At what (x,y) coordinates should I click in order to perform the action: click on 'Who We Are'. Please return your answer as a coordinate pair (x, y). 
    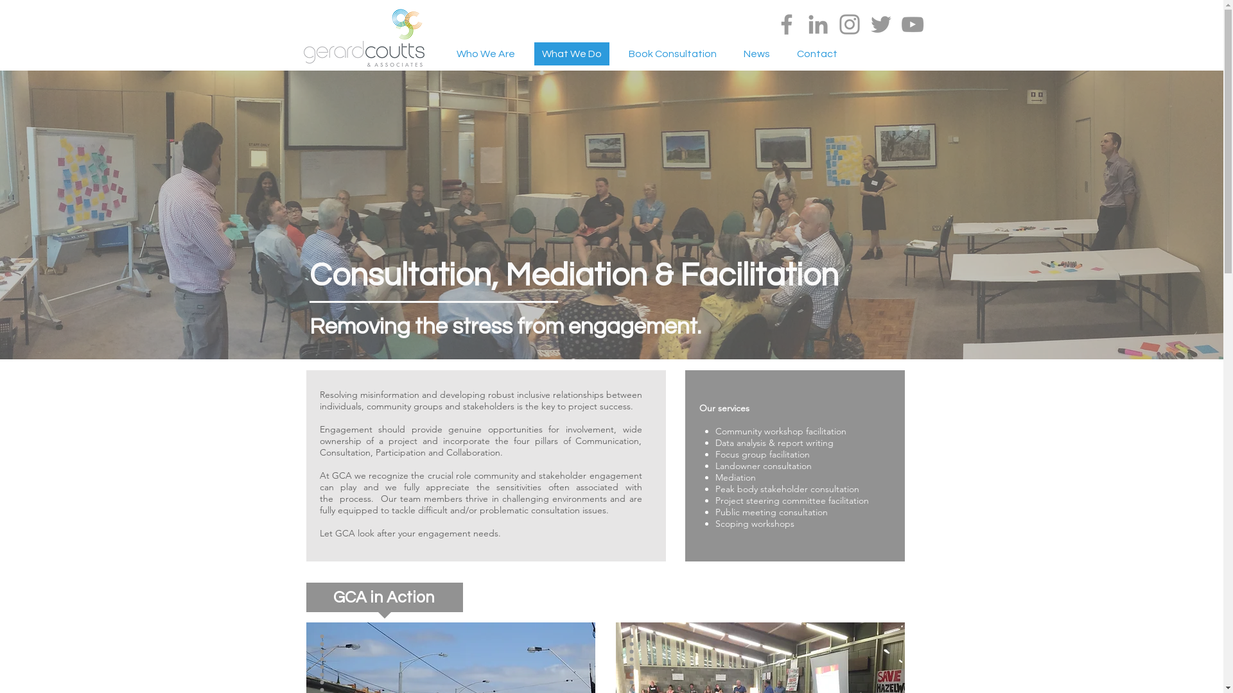
    Looking at the image, I should click on (484, 53).